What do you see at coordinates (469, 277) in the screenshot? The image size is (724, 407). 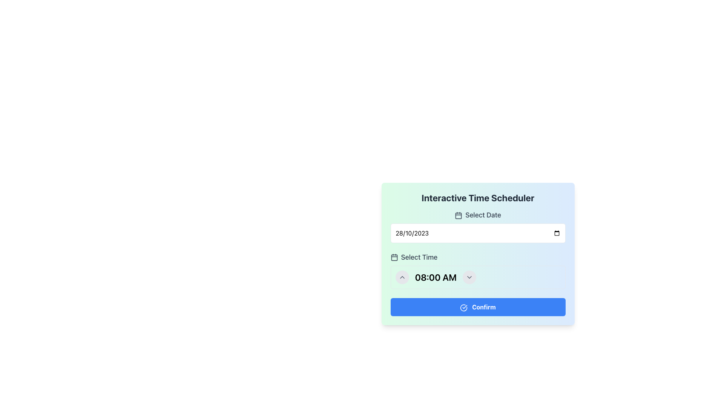 I see `the circular button with a light gray background and a downward arrow icon located to the immediate right of '08:00 AM' in the time selector interface` at bounding box center [469, 277].